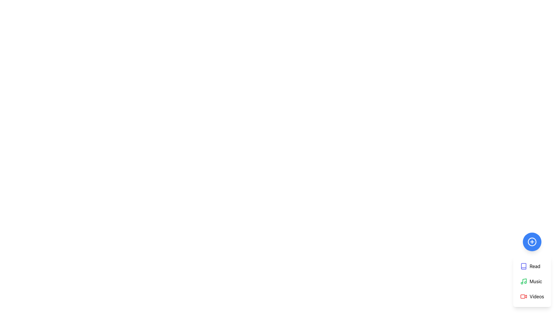 The image size is (558, 314). Describe the element at coordinates (535, 281) in the screenshot. I see `the text label associated with the music menu item located in the third position of the vertical menu` at that location.